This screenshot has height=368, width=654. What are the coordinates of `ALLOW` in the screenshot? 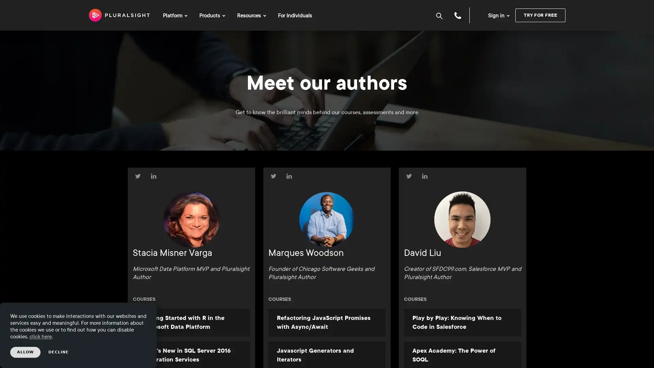 It's located at (25, 352).